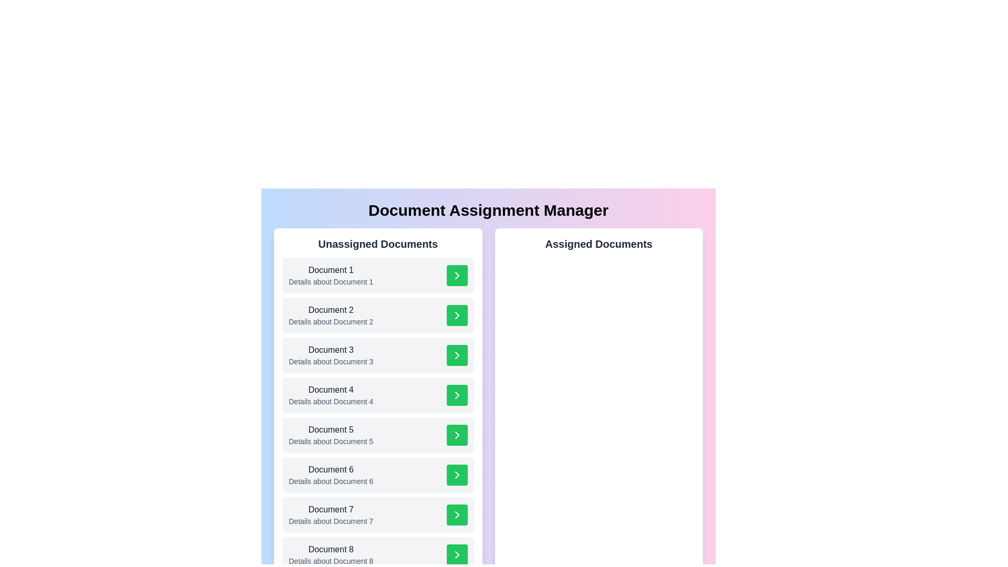 The height and width of the screenshot is (567, 1008). I want to click on the text label displaying 'Details about Document 8' located below the title 'Document 8' in the 'Unassigned Documents' section, so click(330, 560).